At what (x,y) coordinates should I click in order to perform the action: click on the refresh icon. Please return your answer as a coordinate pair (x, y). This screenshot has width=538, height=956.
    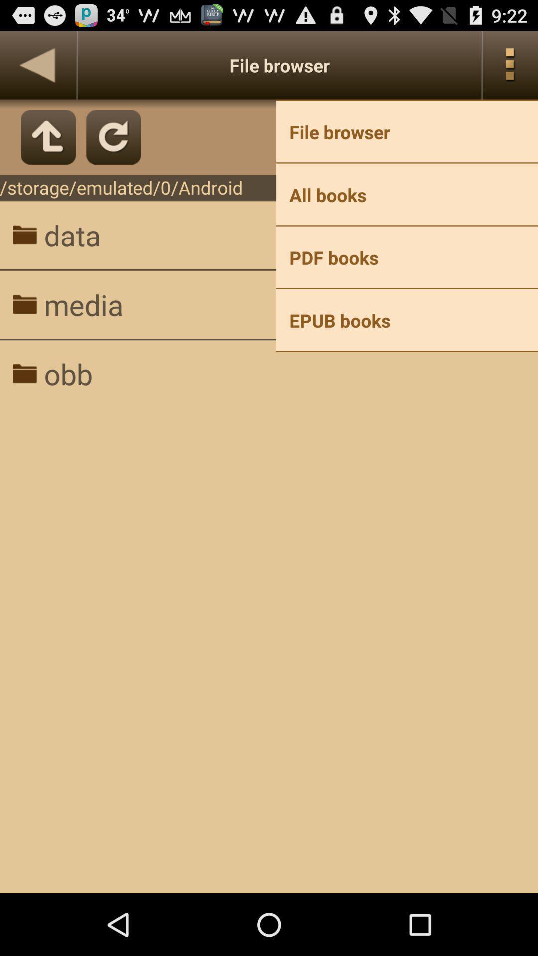
    Looking at the image, I should click on (113, 146).